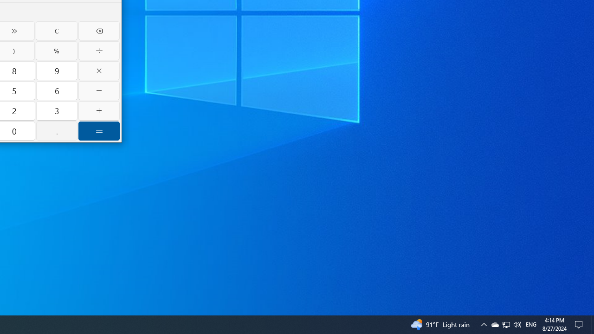 This screenshot has width=594, height=334. What do you see at coordinates (99, 30) in the screenshot?
I see `'Backspace'` at bounding box center [99, 30].